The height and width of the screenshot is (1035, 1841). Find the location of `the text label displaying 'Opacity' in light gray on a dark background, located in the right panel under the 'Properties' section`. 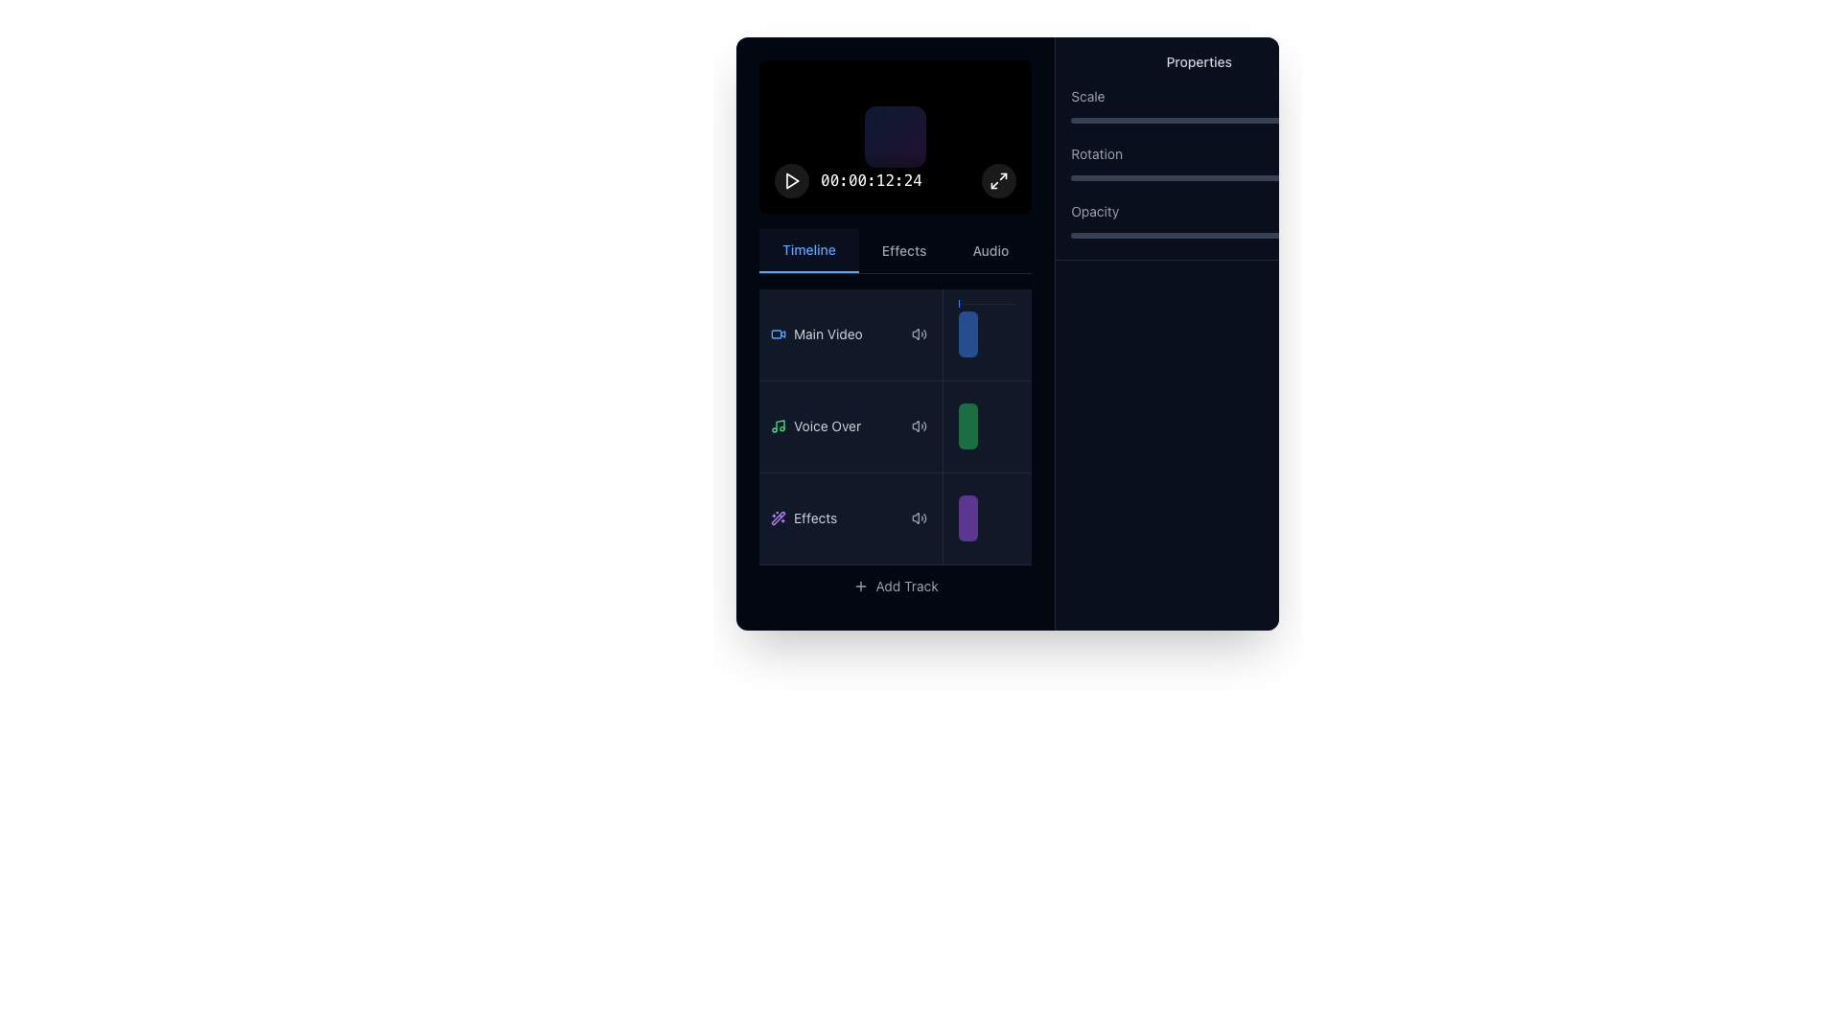

the text label displaying 'Opacity' in light gray on a dark background, located in the right panel under the 'Properties' section is located at coordinates (1095, 211).